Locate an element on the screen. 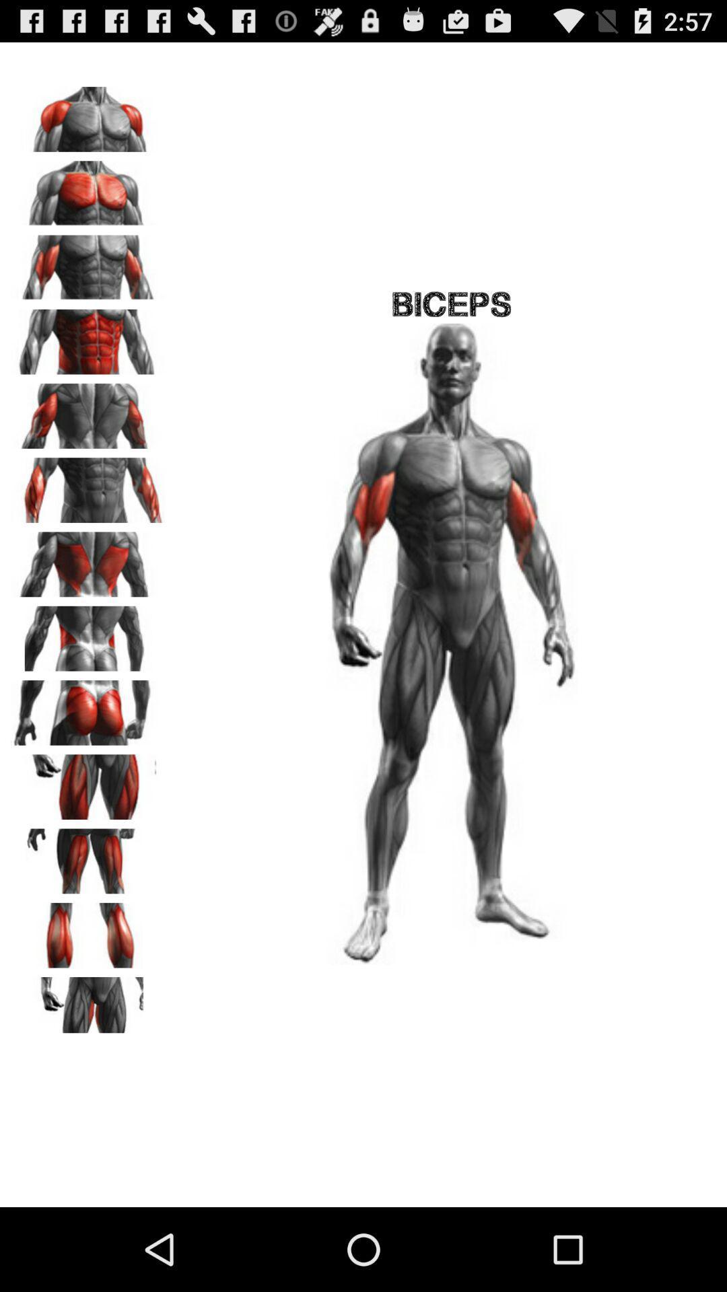  picture is located at coordinates (88, 410).